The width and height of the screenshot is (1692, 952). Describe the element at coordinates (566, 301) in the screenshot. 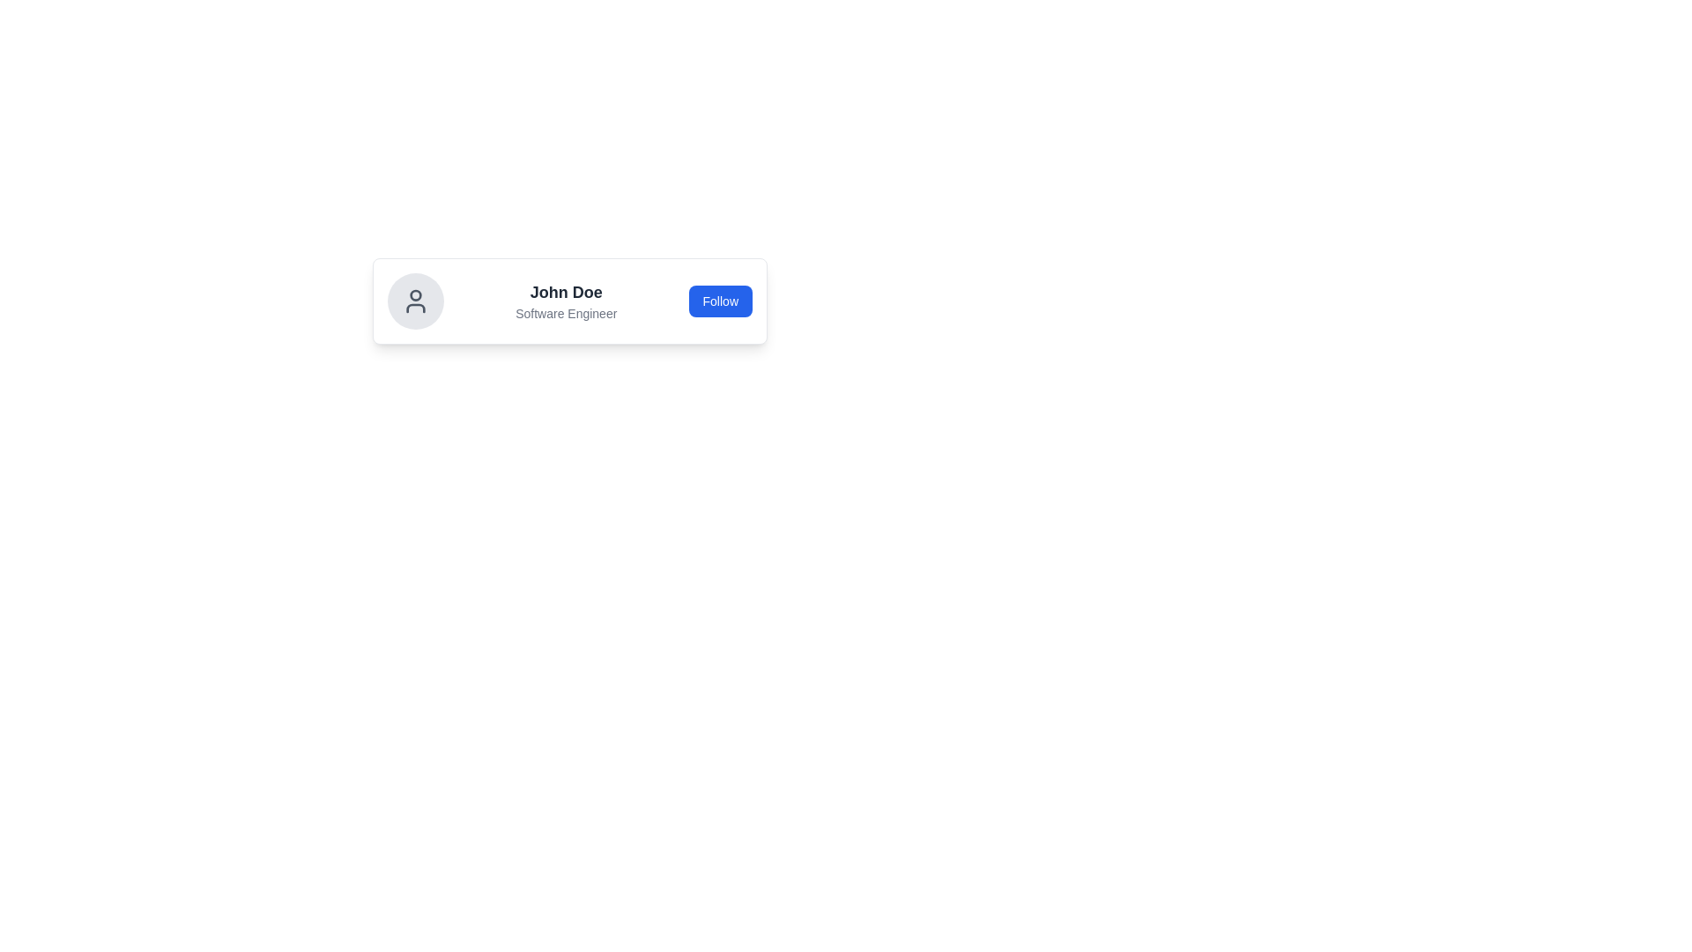

I see `displayed text from the text block featuring 'John Doe' and 'Software Engineer', which is centrally positioned within a bordered card` at that location.